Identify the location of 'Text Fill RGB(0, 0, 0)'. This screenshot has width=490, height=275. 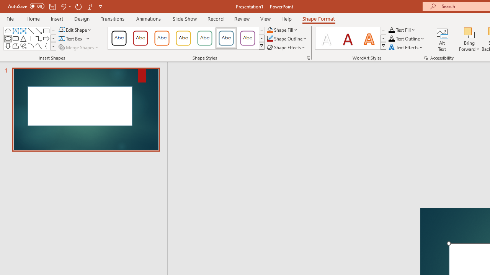
(392, 29).